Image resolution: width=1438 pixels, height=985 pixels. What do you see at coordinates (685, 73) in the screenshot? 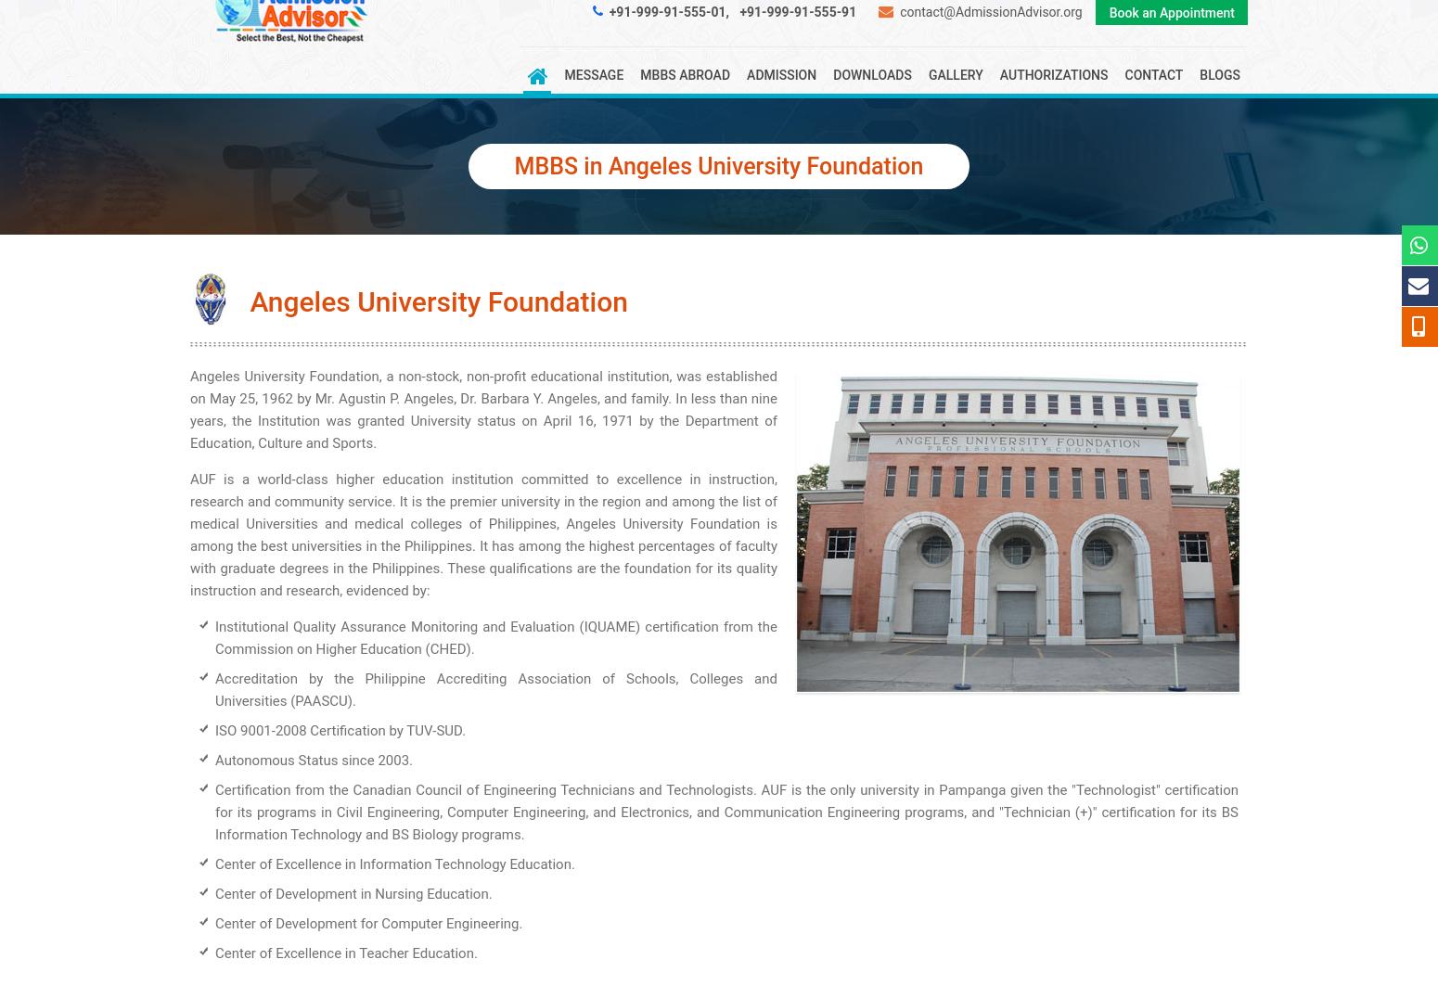
I see `'MBBS Abroad'` at bounding box center [685, 73].